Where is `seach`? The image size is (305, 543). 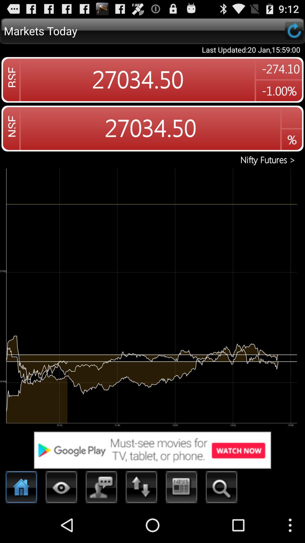 seach is located at coordinates (221, 488).